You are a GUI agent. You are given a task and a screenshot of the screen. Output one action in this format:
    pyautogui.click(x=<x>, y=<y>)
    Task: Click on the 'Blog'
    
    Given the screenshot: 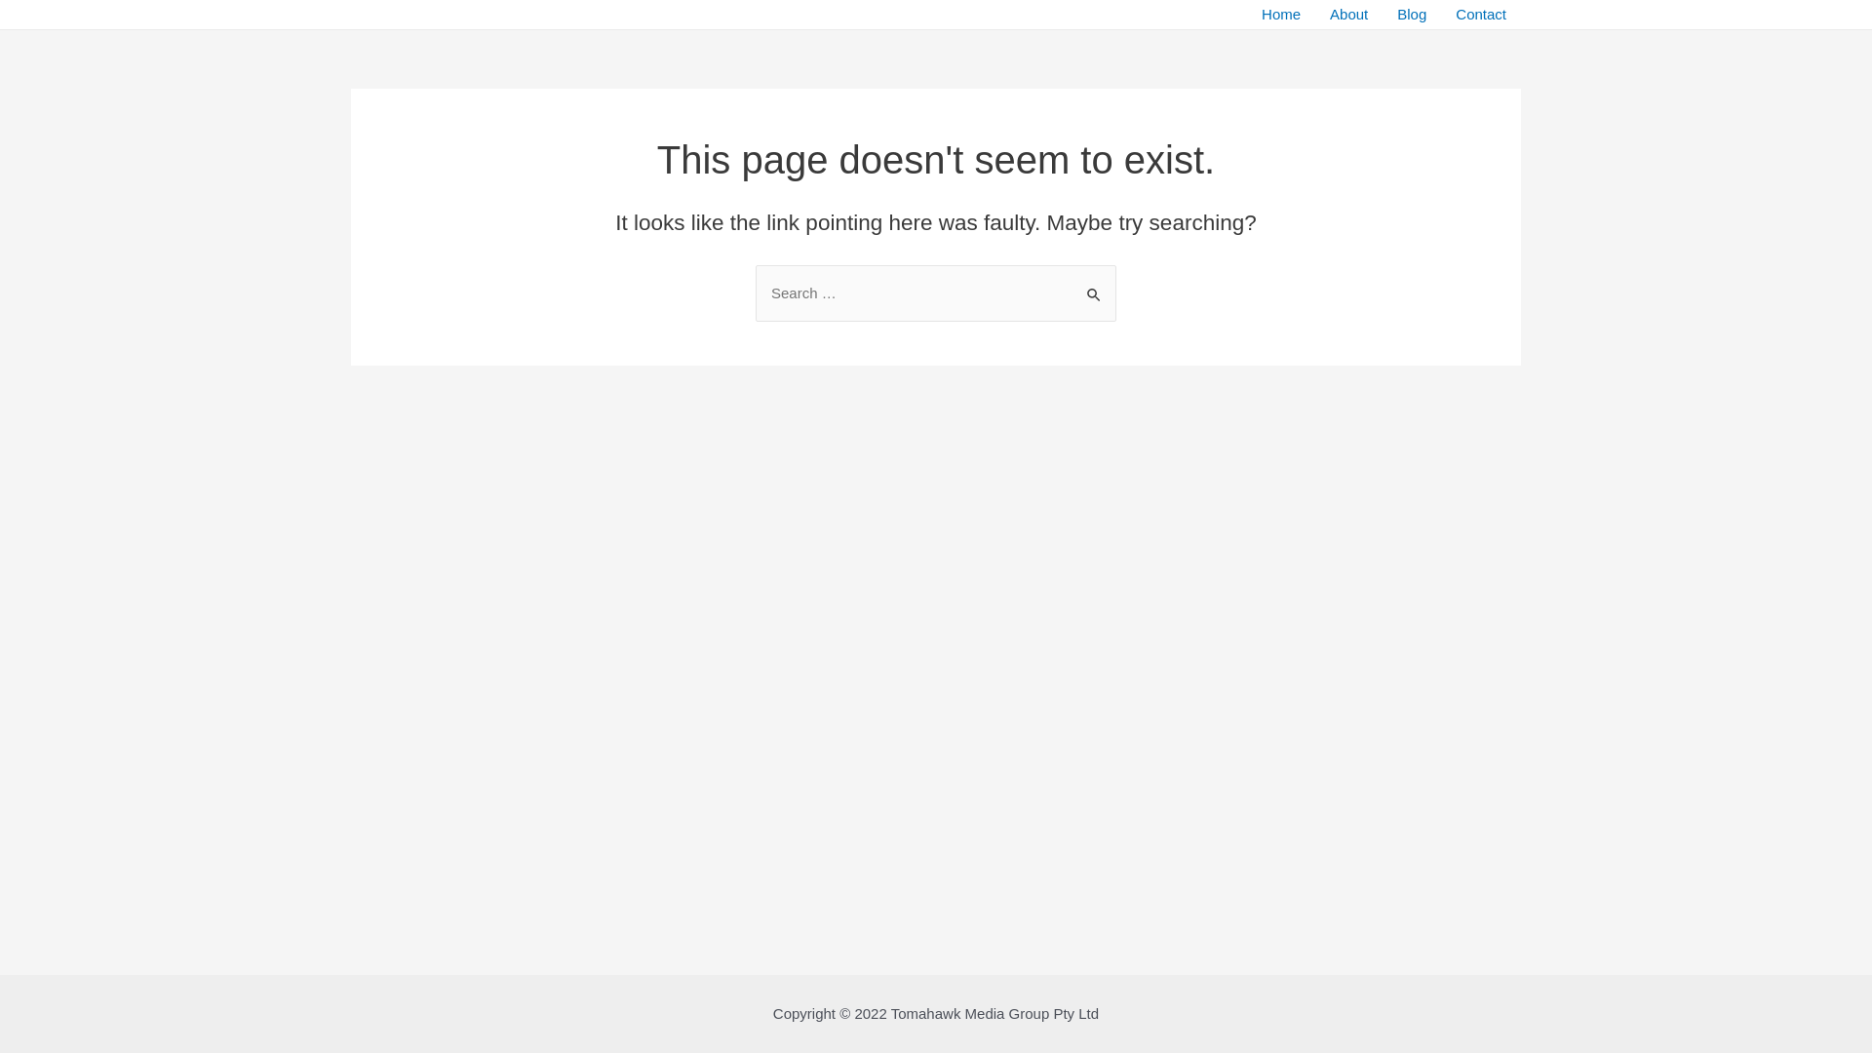 What is the action you would take?
    pyautogui.click(x=1412, y=15)
    